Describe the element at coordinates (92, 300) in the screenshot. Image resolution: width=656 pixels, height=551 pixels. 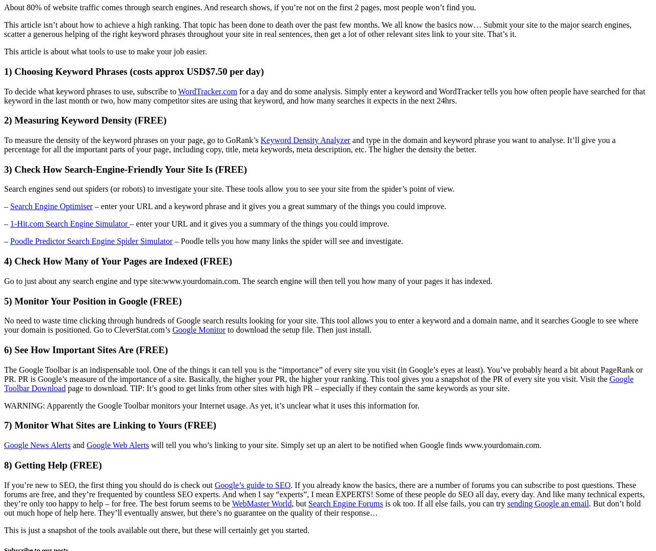
I see `'5) Monitor Your Position in Google (FREE)'` at that location.